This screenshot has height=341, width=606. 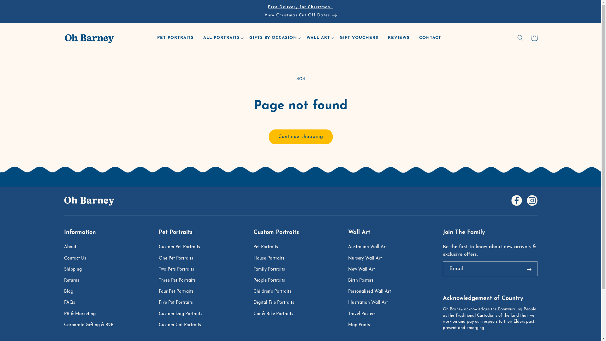 What do you see at coordinates (73, 248) in the screenshot?
I see `'About'` at bounding box center [73, 248].